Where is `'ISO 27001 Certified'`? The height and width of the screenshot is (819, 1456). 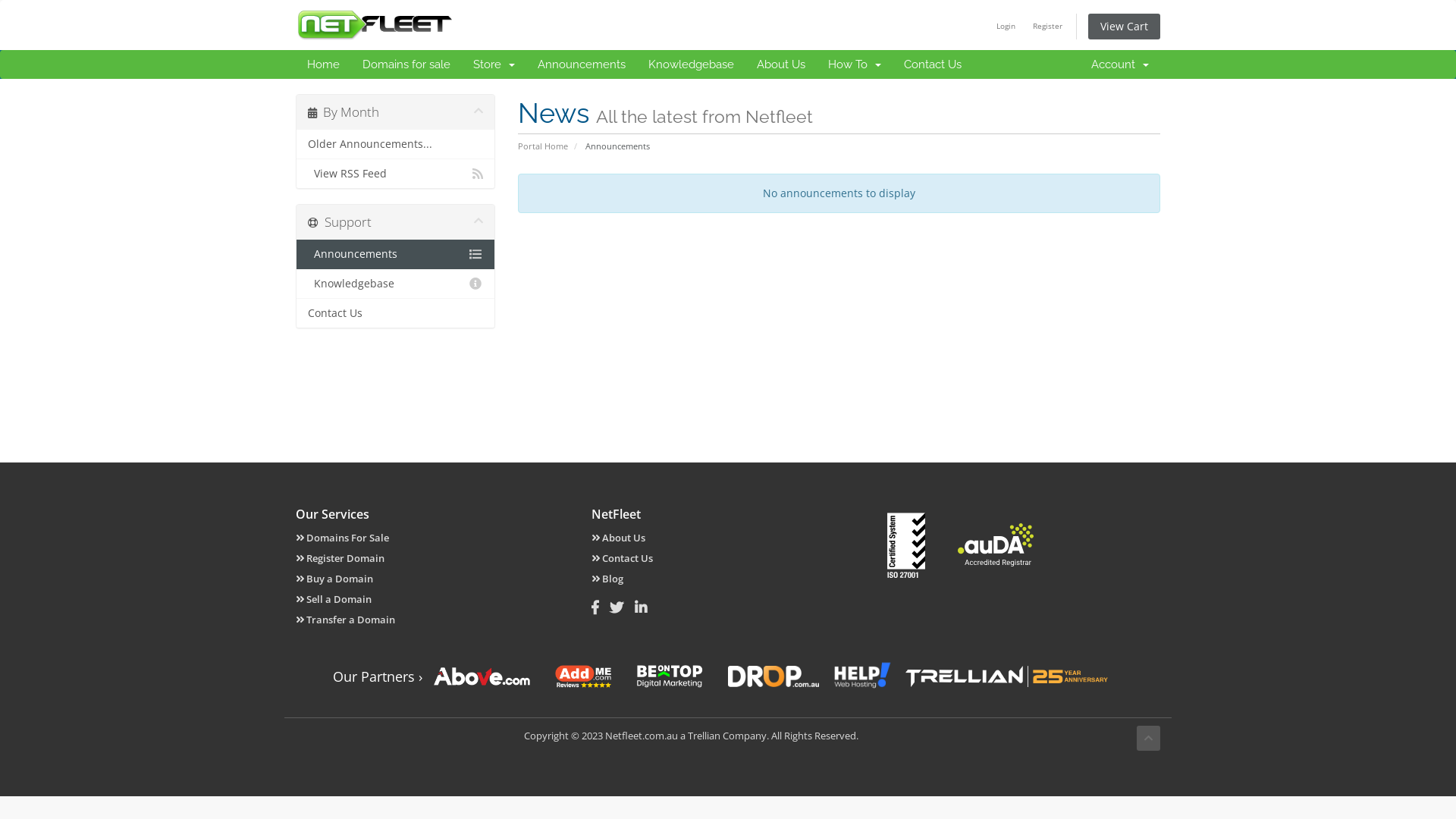 'ISO 27001 Certified' is located at coordinates (906, 544).